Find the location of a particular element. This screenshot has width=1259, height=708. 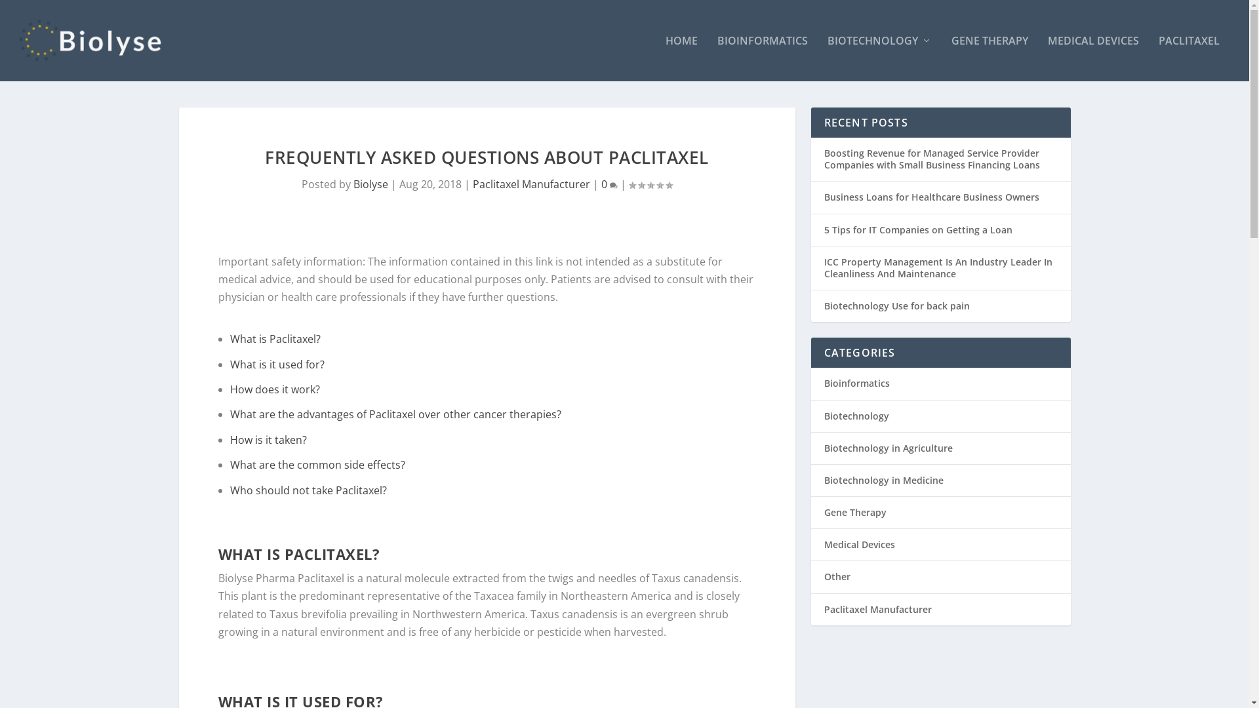

'PACLITAXEL' is located at coordinates (1189, 57).